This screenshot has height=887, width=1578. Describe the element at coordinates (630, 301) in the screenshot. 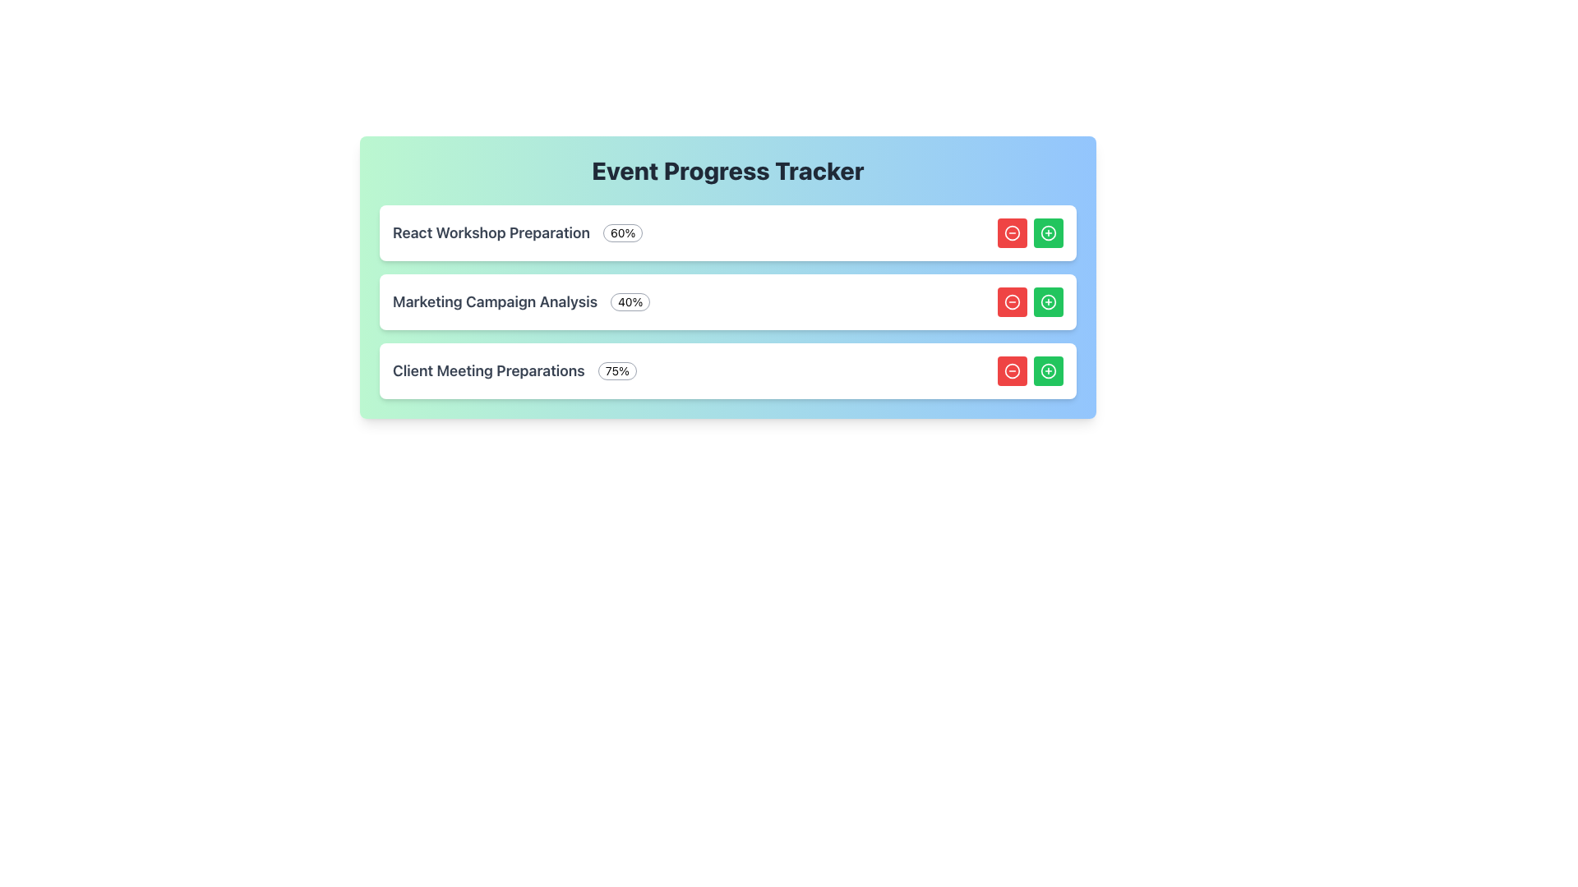

I see `the progress indicator badge located to the right of the 'Marketing Campaign Analysis' text in the middle row of the section` at that location.